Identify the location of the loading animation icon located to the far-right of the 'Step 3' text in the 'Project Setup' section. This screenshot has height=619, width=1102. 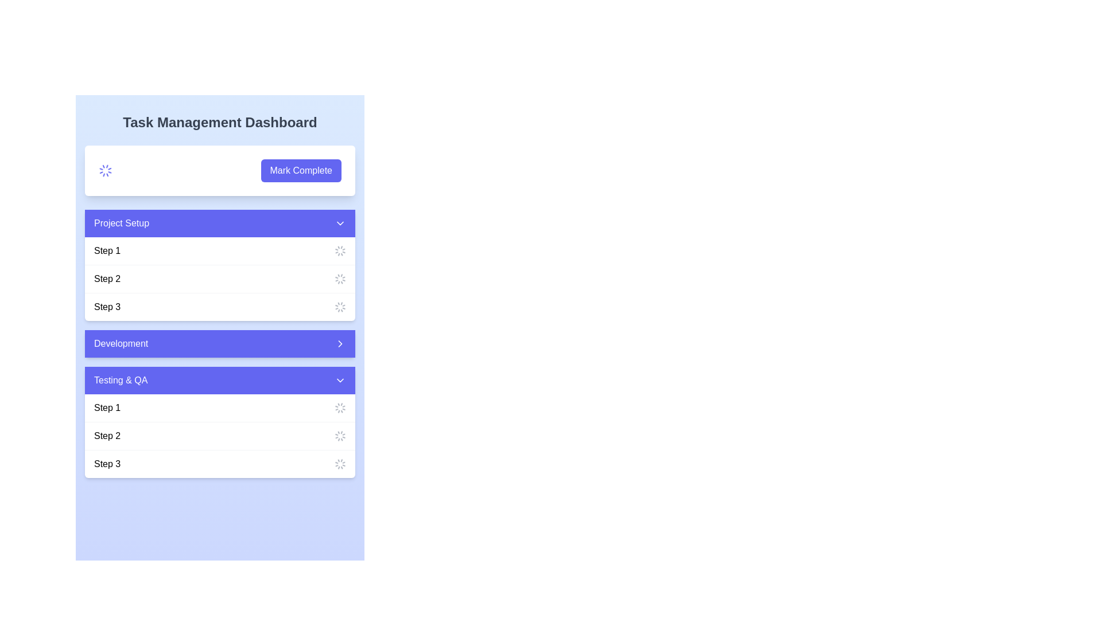
(340, 307).